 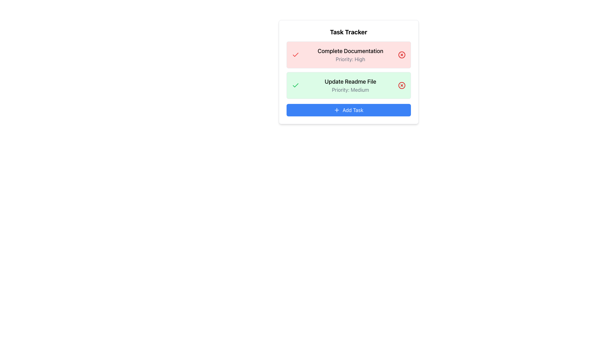 I want to click on the black circular Icon Button with a red cross ('X') located on the right side of the 'Update Readme File - Priority: Medium' task, so click(x=402, y=85).